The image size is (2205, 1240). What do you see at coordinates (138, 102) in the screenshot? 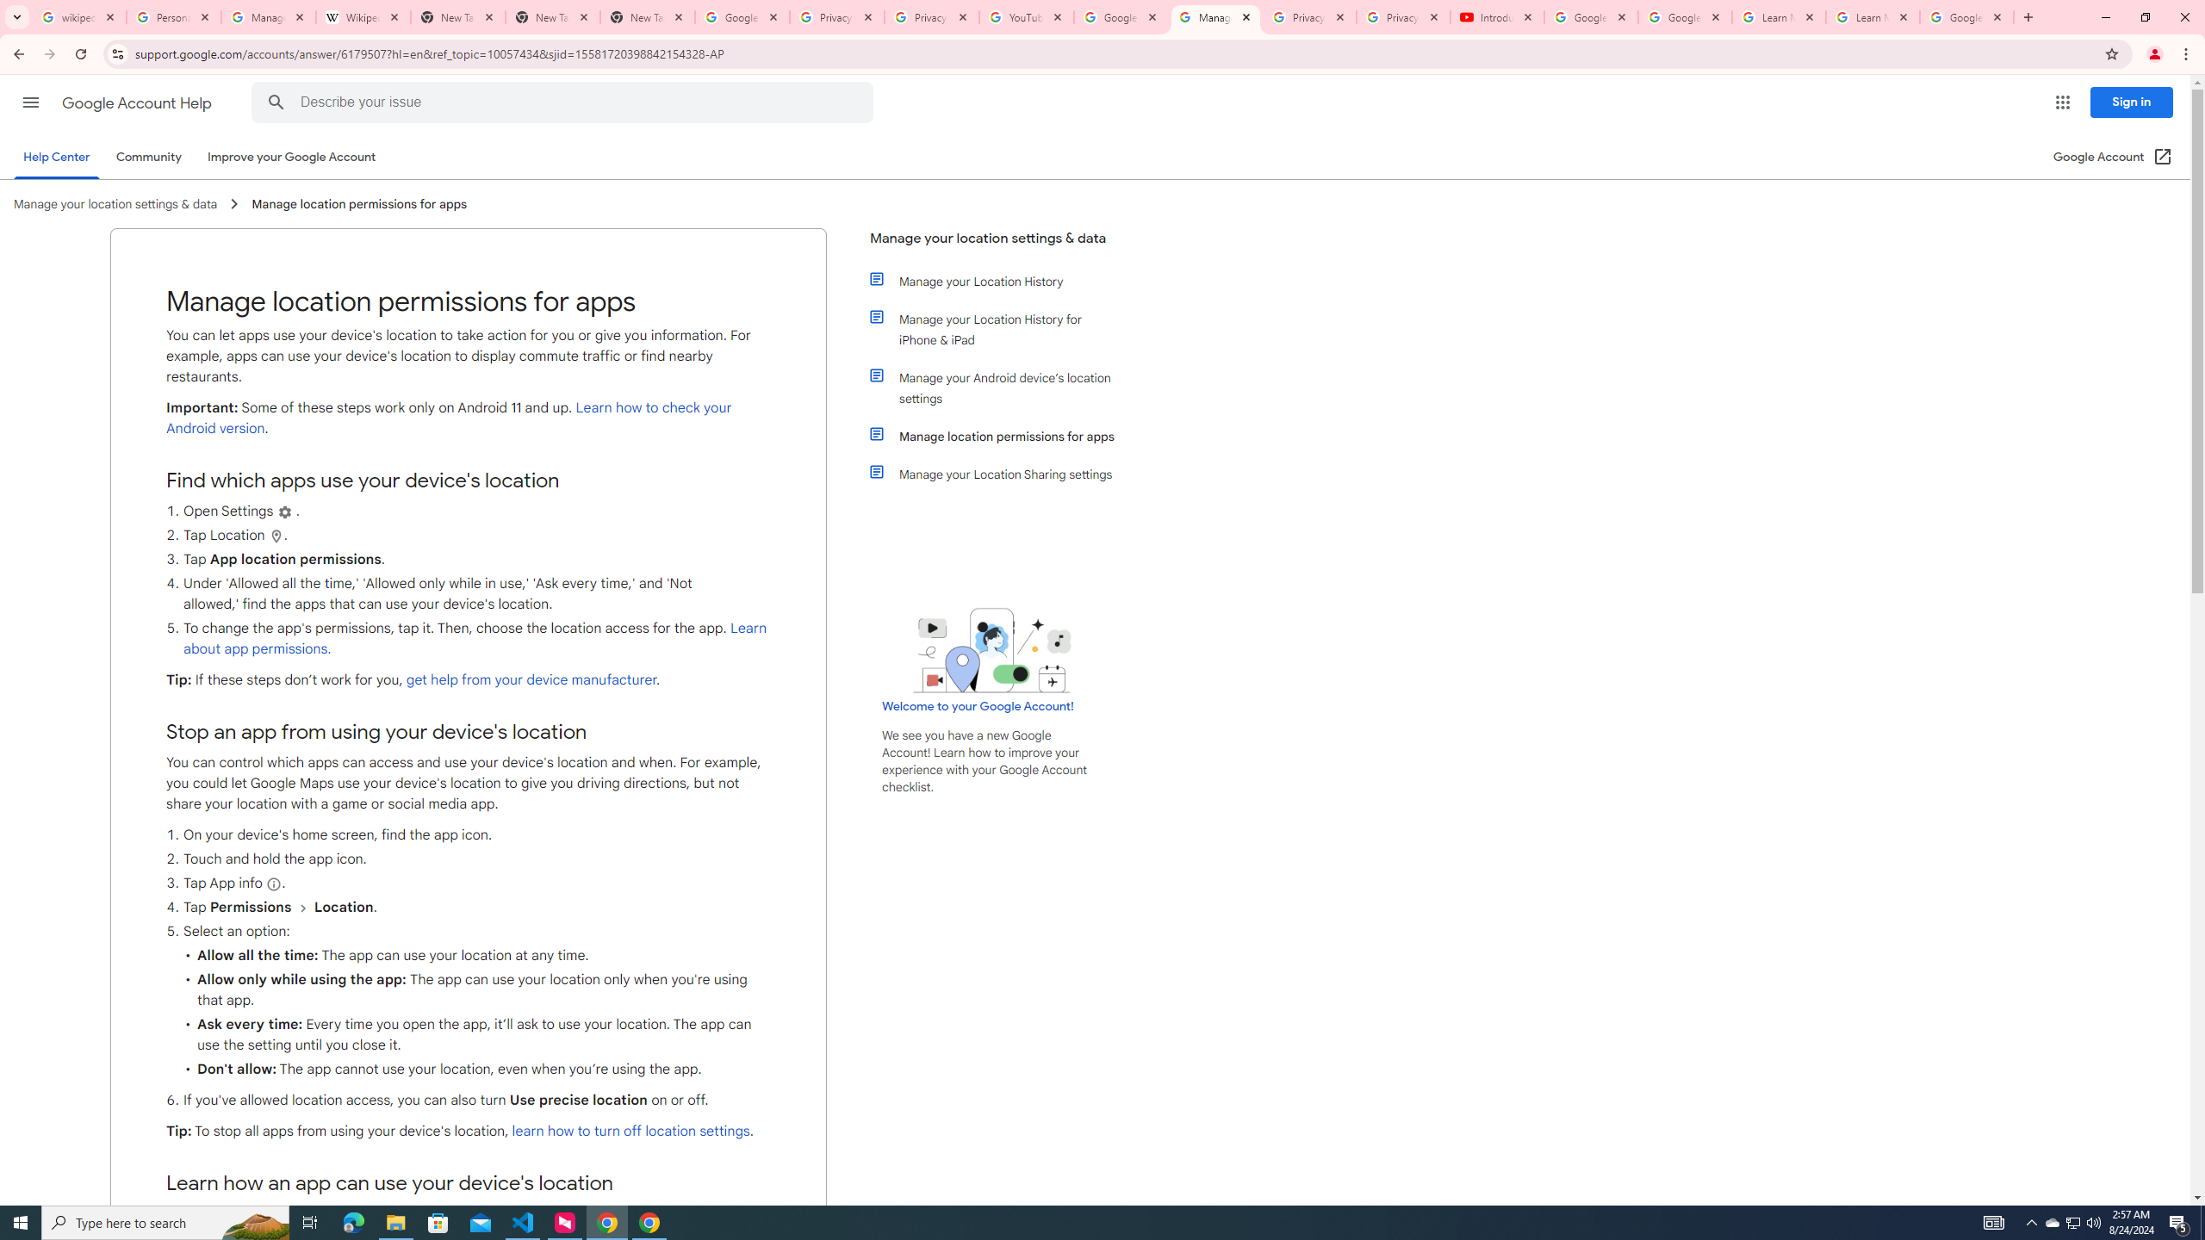
I see `'Google Account Help'` at bounding box center [138, 102].